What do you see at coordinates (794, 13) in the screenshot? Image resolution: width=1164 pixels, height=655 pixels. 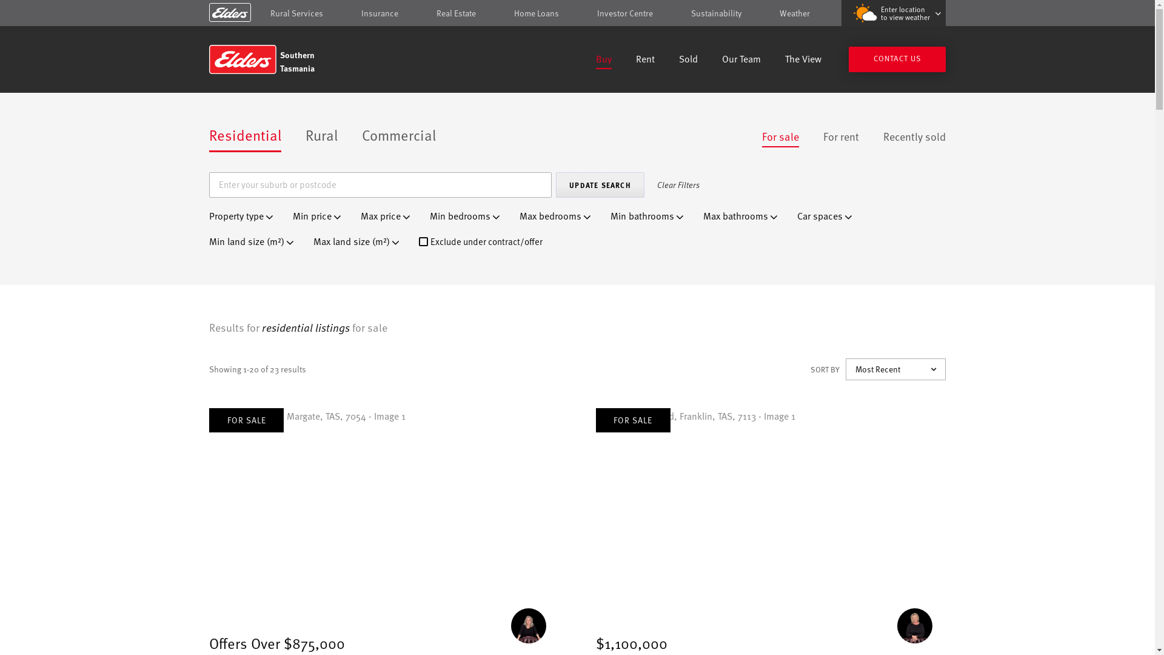 I see `'Weather'` at bounding box center [794, 13].